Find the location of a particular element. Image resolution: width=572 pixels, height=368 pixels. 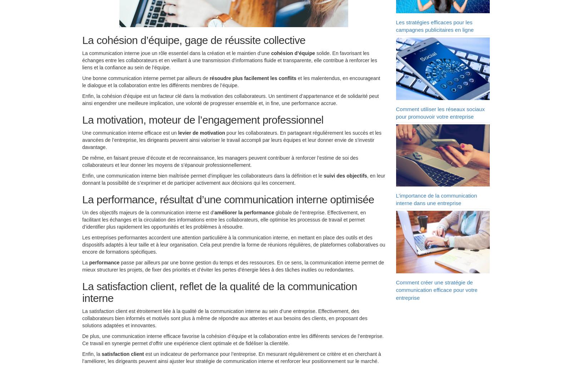

'Une communication interne efficace est un' is located at coordinates (130, 134).